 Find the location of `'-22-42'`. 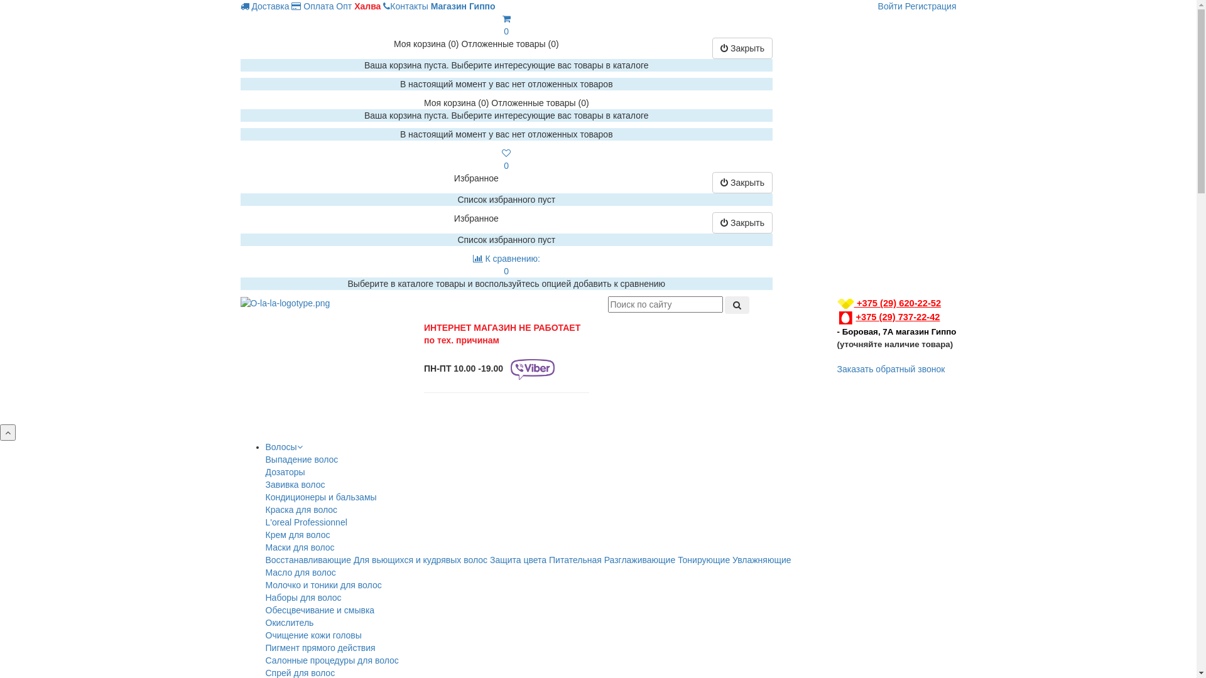

'-22-42' is located at coordinates (926, 316).